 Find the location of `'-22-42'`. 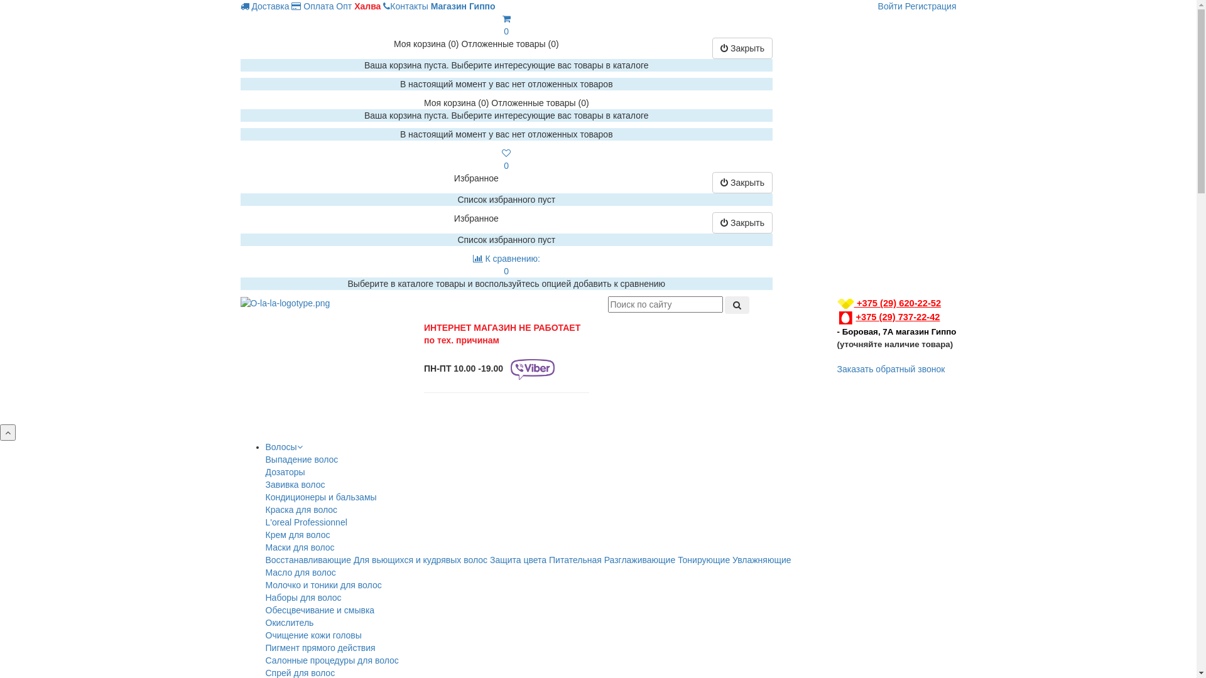

'-22-42' is located at coordinates (926, 316).